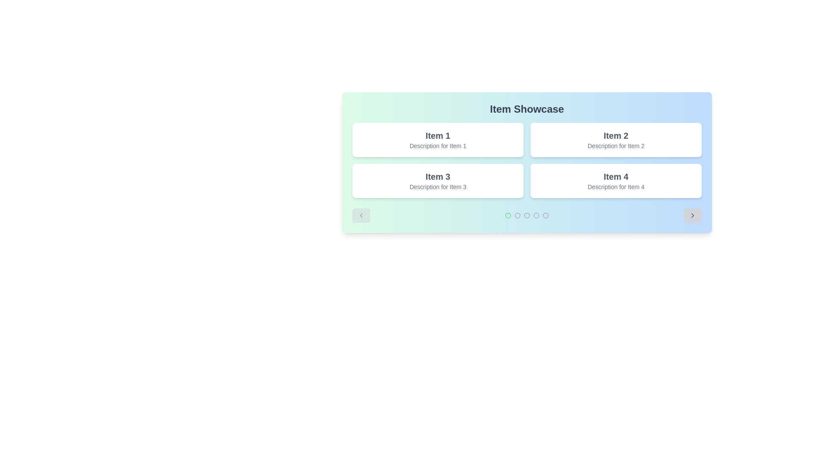 The width and height of the screenshot is (820, 461). Describe the element at coordinates (616, 146) in the screenshot. I see `descriptive text located under 'Item 2' in the top-right quadrant of the grid` at that location.